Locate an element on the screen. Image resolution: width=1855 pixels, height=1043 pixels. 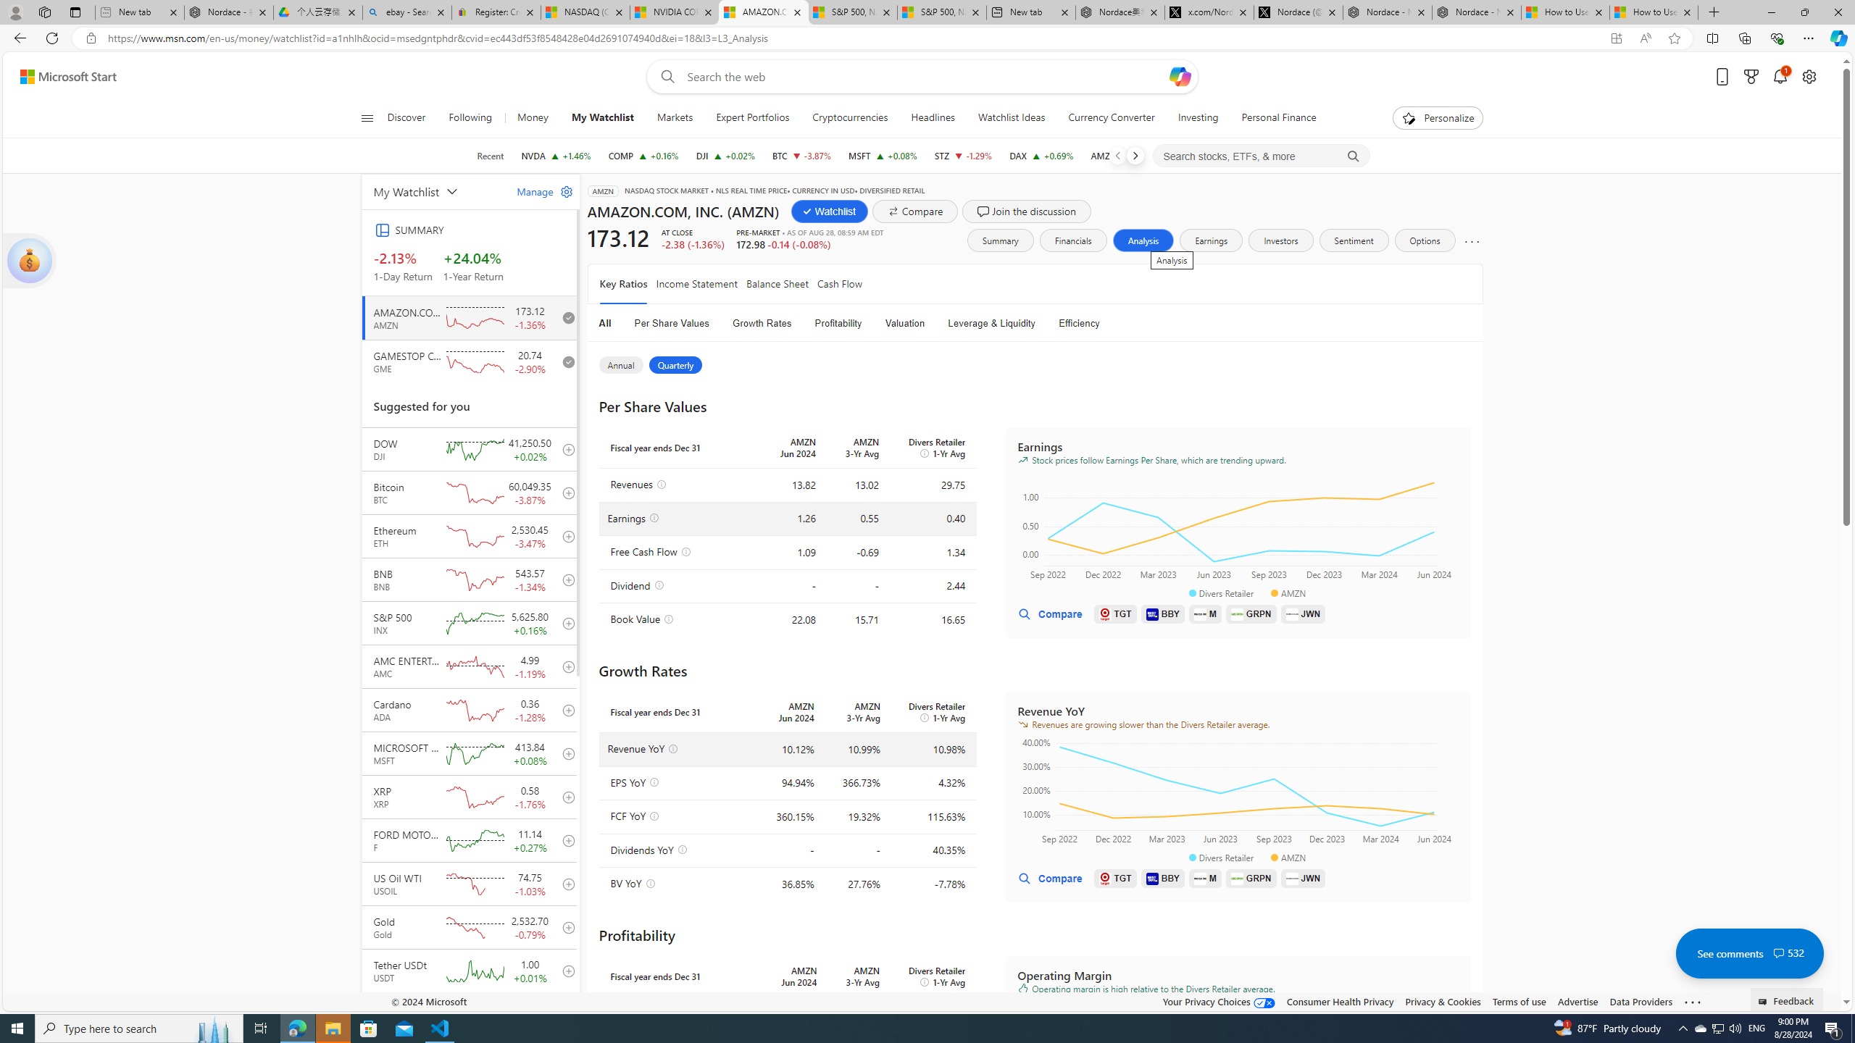
'Income Statement' is located at coordinates (697, 283).